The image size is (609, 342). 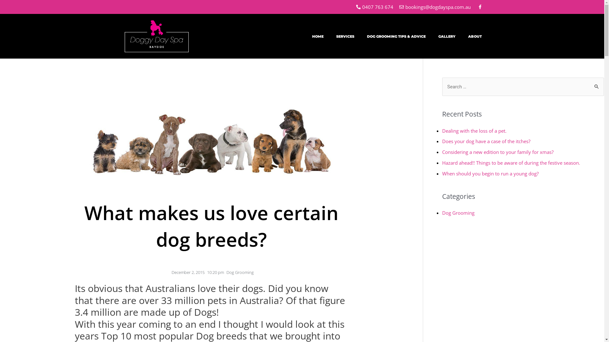 What do you see at coordinates (596, 84) in the screenshot?
I see `'Search'` at bounding box center [596, 84].